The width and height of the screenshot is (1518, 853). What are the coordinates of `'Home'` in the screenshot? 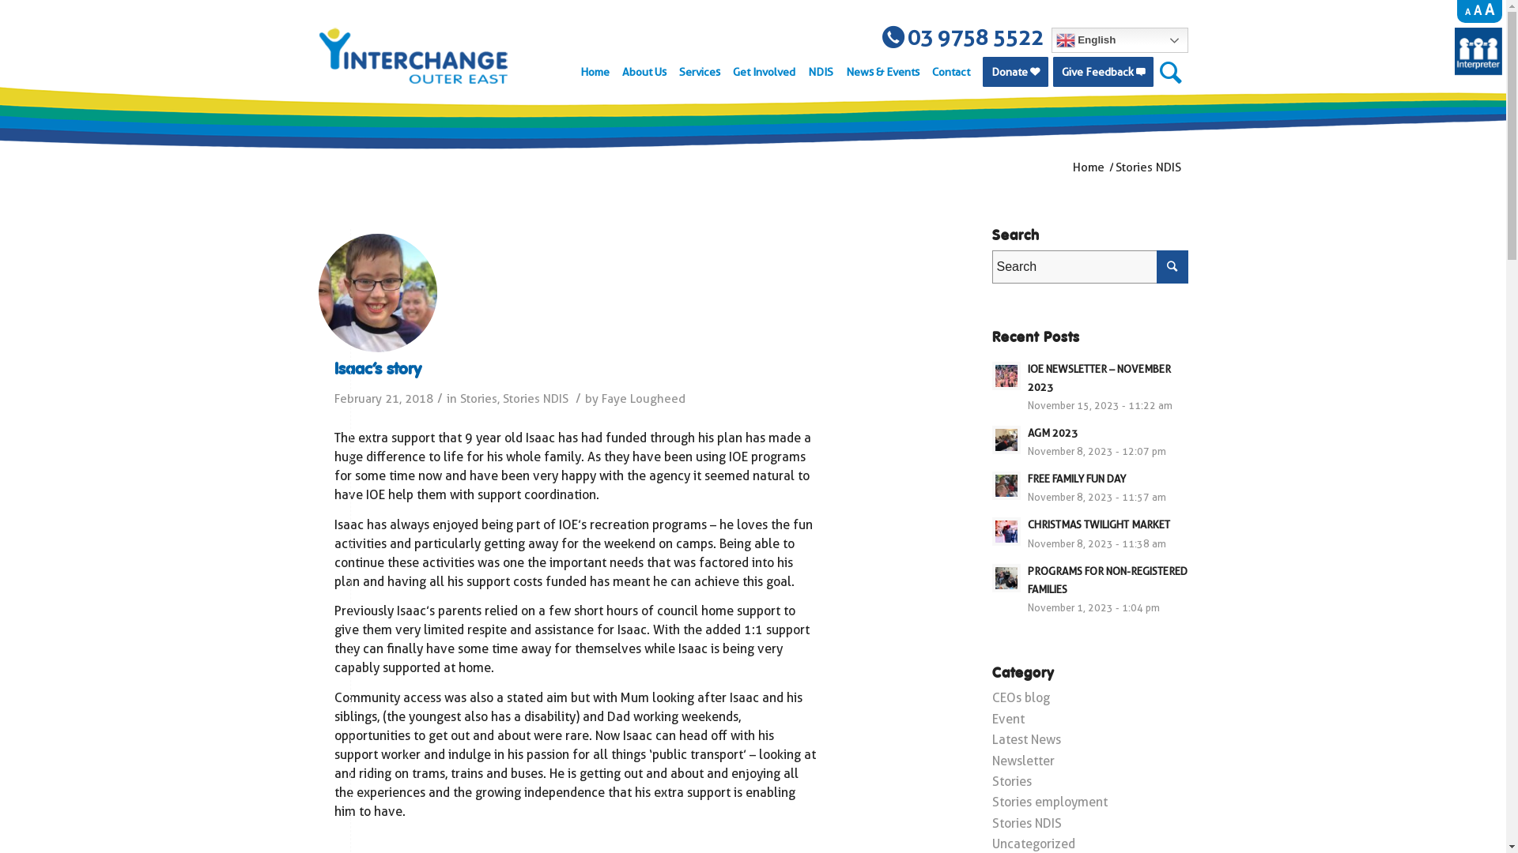 It's located at (1088, 167).